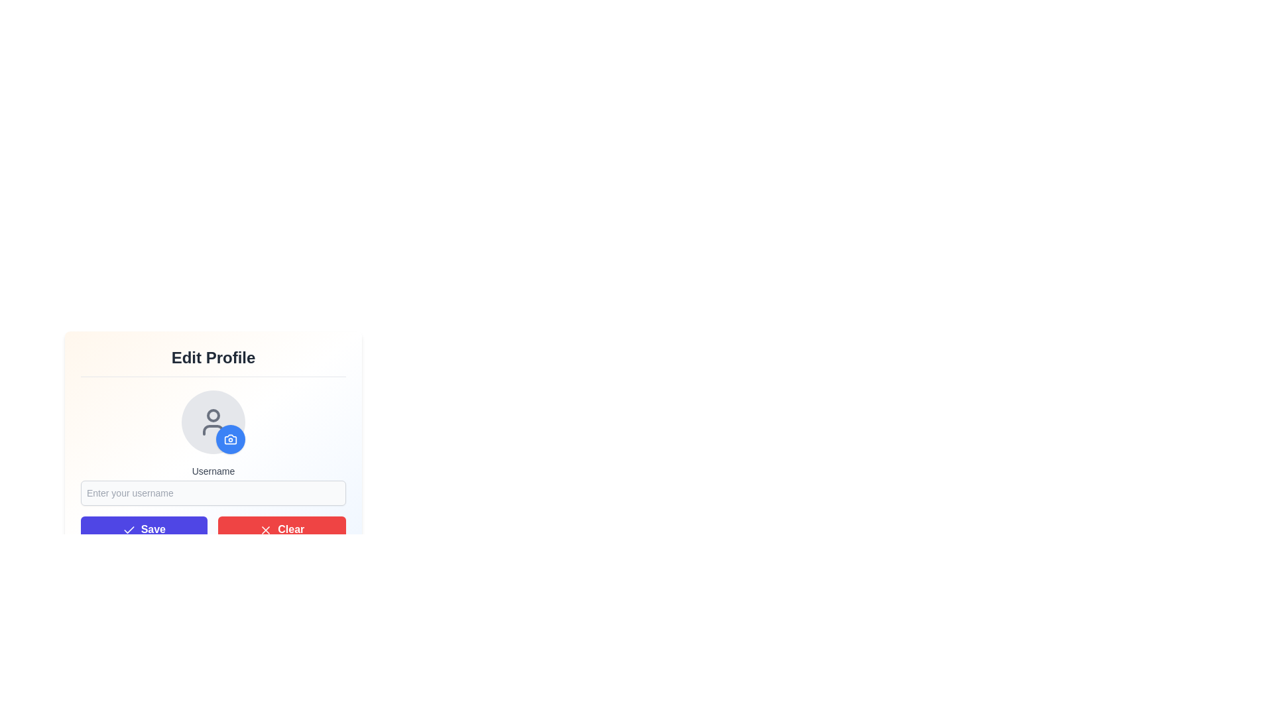  Describe the element at coordinates (281, 528) in the screenshot. I see `the red 'Clear' button labeled with white text and a white 'X' icon to clear input` at that location.